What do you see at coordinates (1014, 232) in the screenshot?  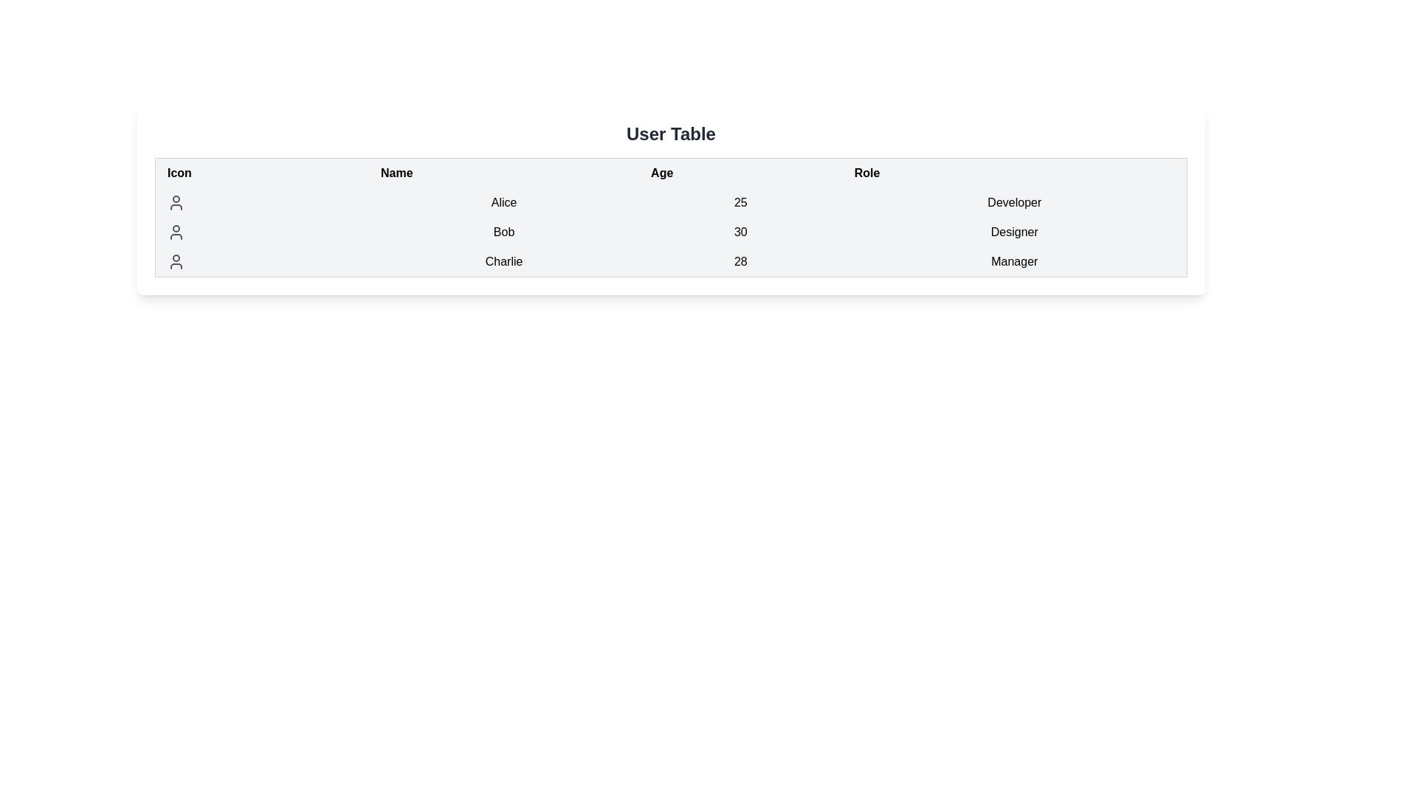 I see `the static text label 'Designer' located in the 'Role' column of the 'User Table', which is the third entry for the user Bob` at bounding box center [1014, 232].